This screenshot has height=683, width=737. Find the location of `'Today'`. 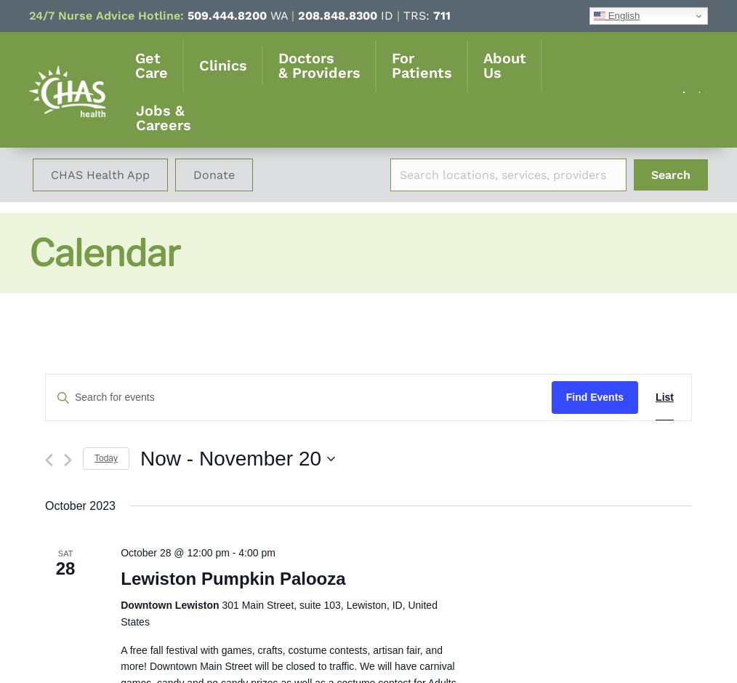

'Today' is located at coordinates (106, 457).